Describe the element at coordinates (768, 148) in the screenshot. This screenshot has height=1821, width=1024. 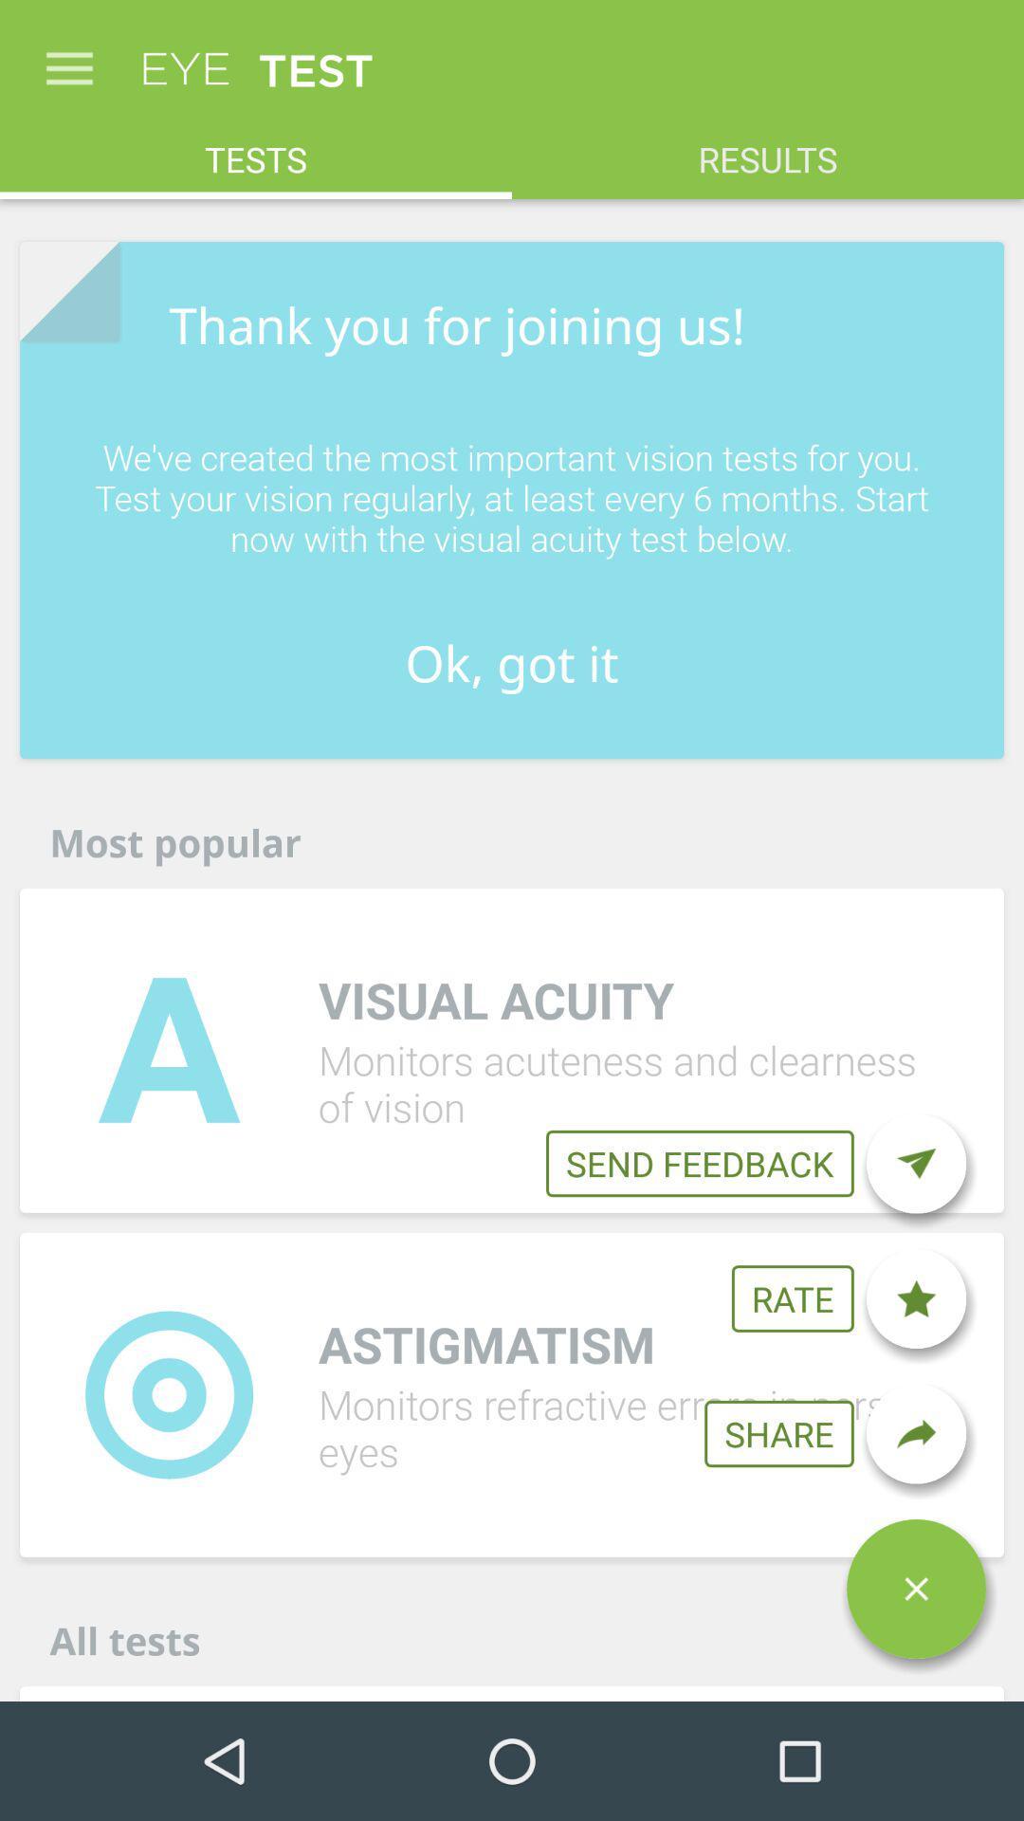
I see `item next to tests` at that location.